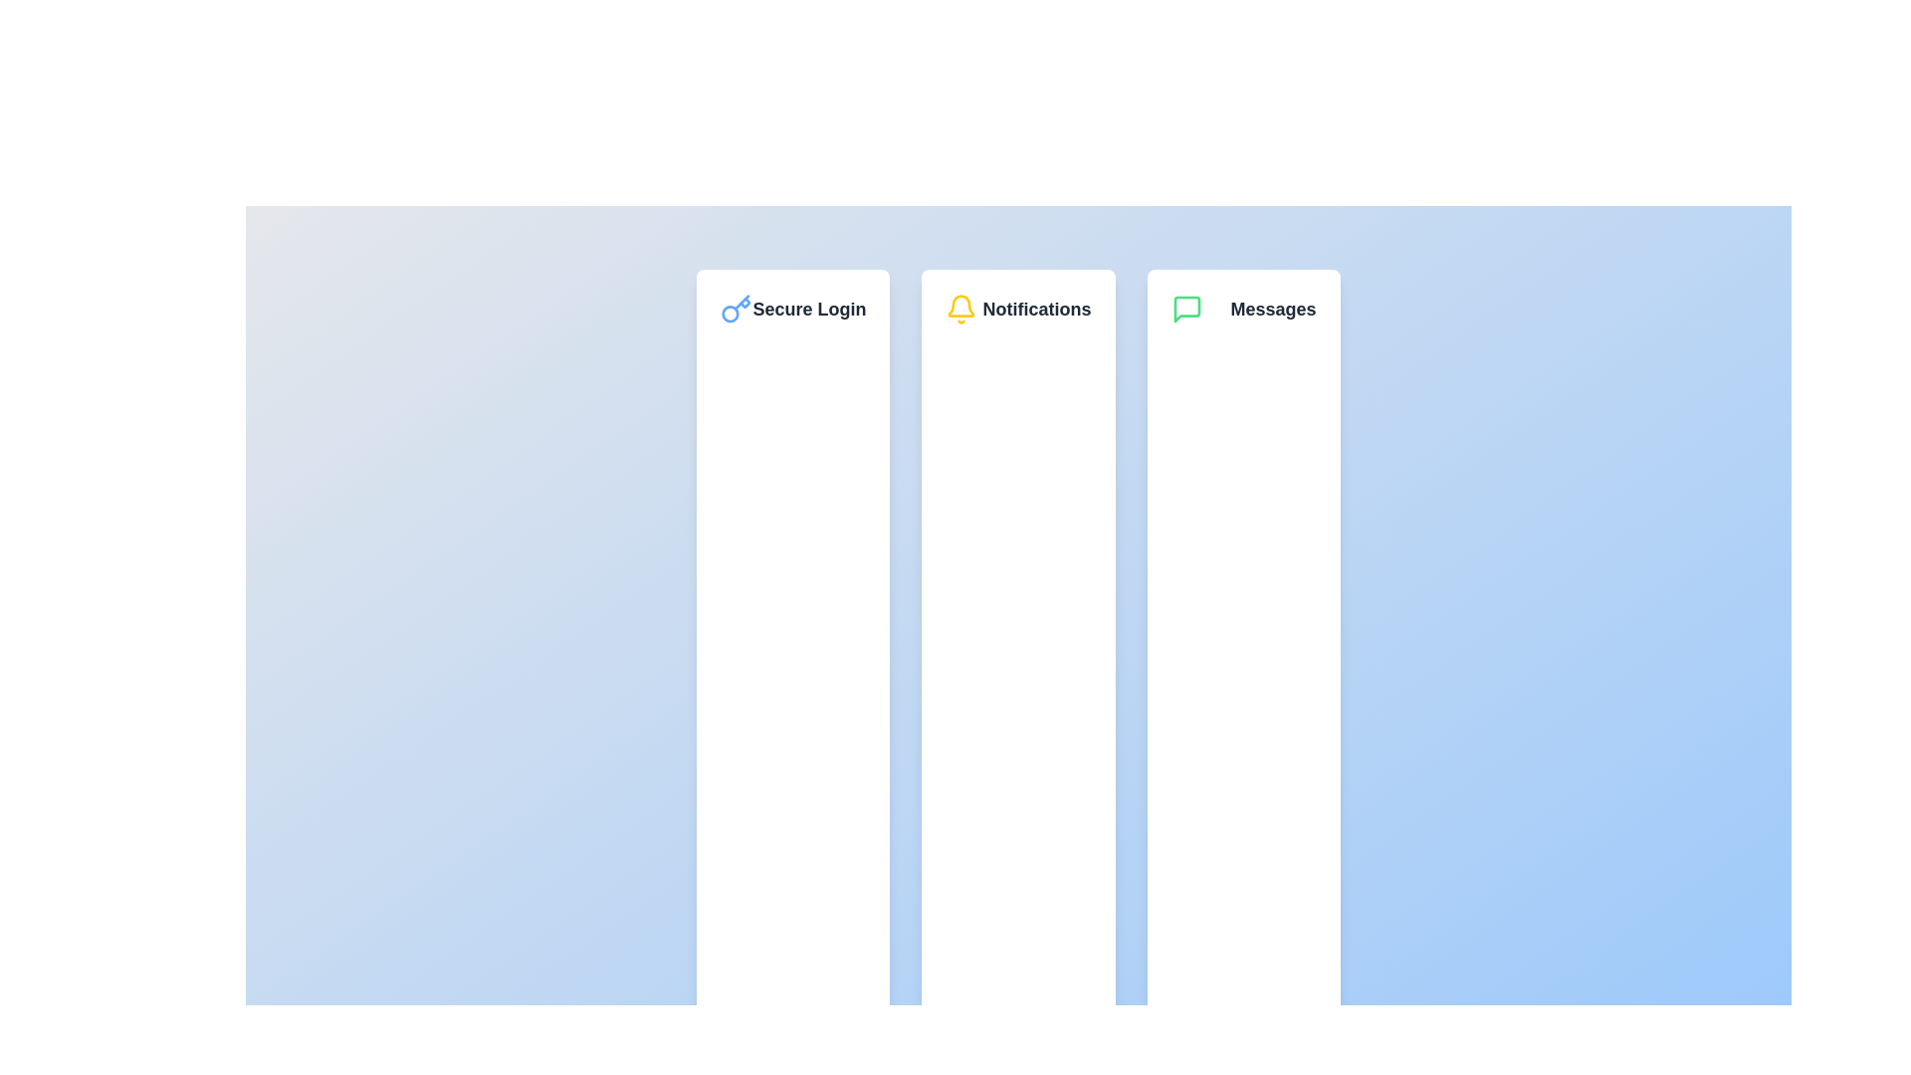 The width and height of the screenshot is (1911, 1075). What do you see at coordinates (961, 306) in the screenshot?
I see `the bell-shaped icon with a yellow outline in the Notifications section, which is centrally positioned among the three labeled sections` at bounding box center [961, 306].